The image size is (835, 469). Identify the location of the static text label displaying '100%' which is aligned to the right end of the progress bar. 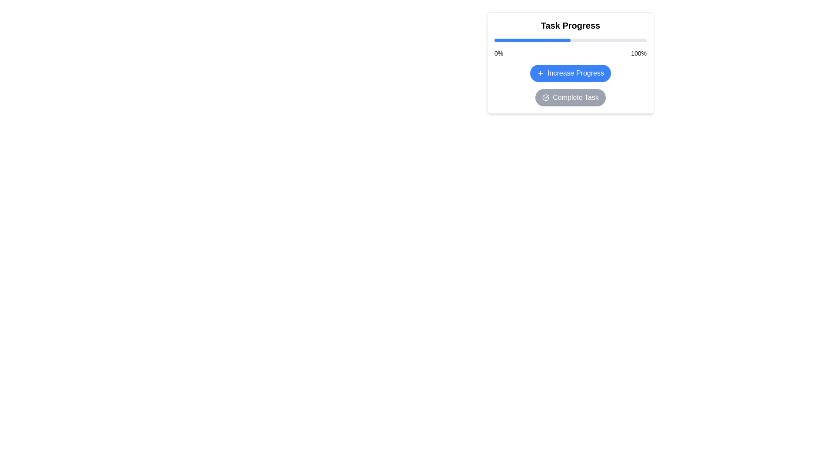
(639, 53).